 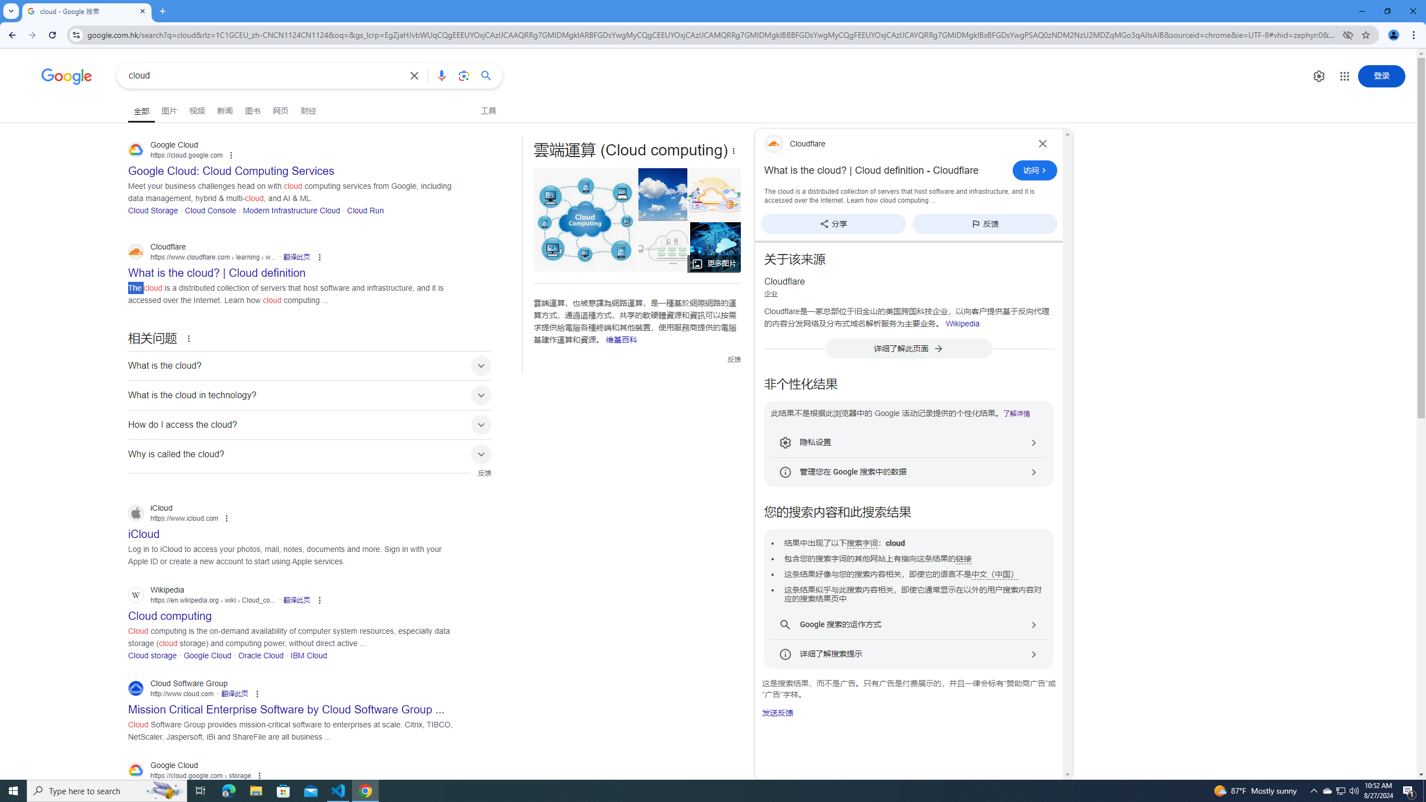 I want to click on 'Cloud Console', so click(x=209, y=209).